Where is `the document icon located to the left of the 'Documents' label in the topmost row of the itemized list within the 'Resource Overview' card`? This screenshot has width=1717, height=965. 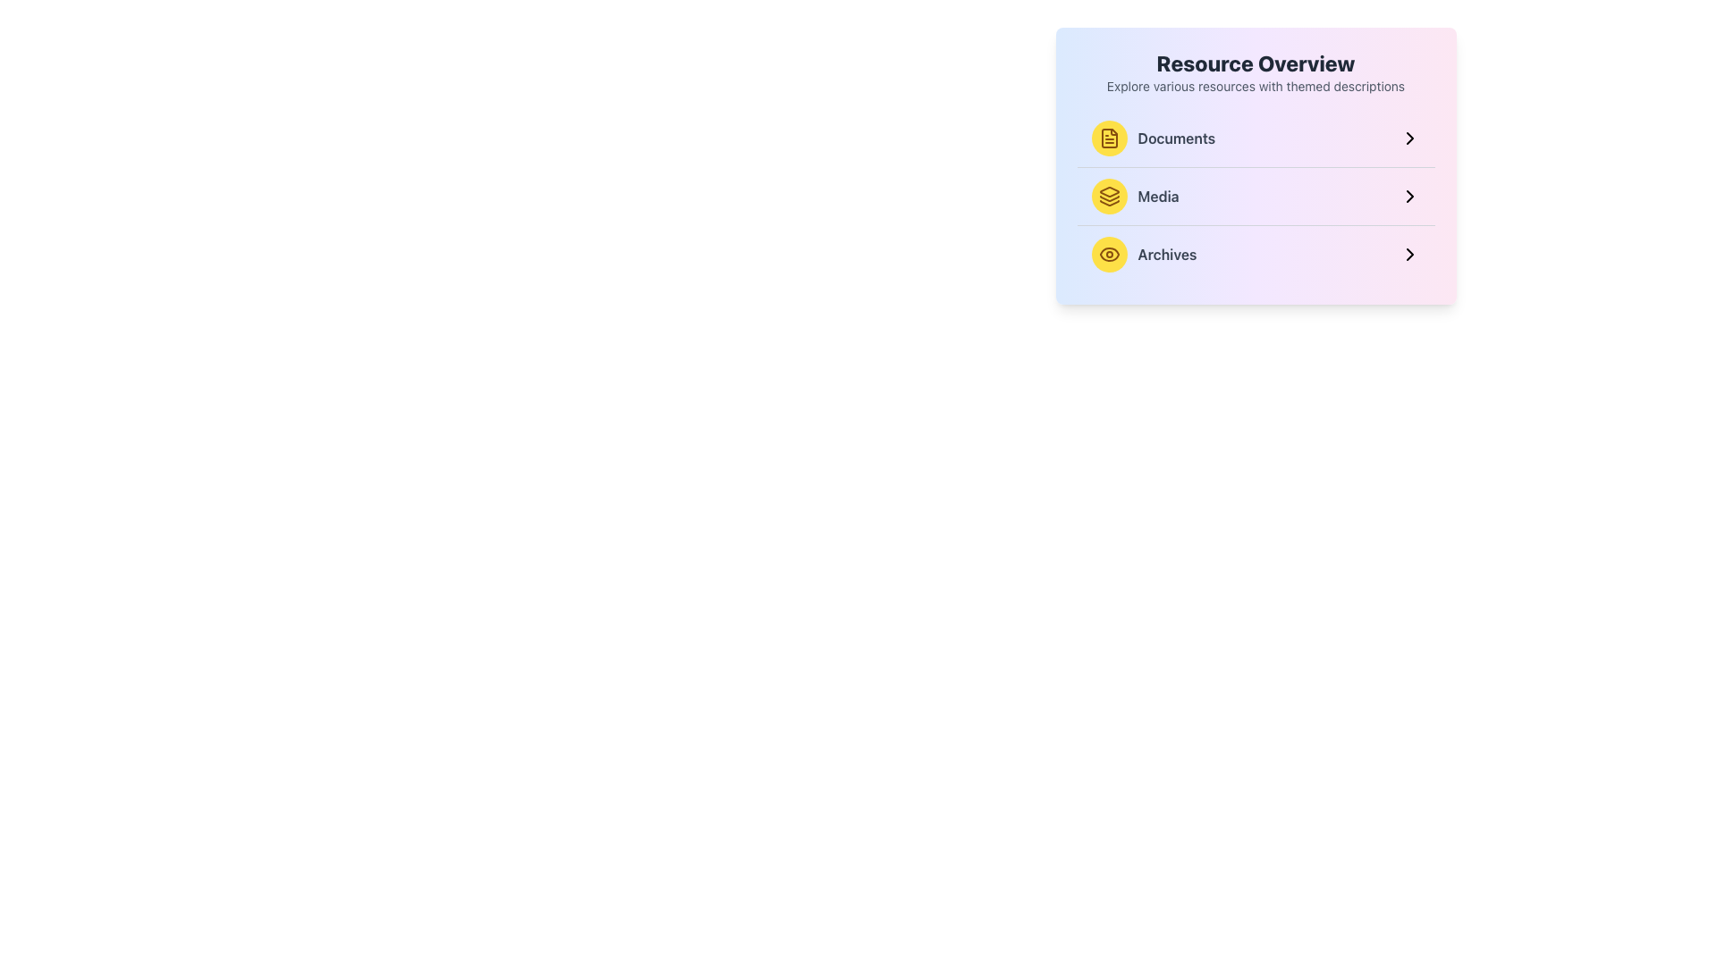
the document icon located to the left of the 'Documents' label in the topmost row of the itemized list within the 'Resource Overview' card is located at coordinates (1108, 137).